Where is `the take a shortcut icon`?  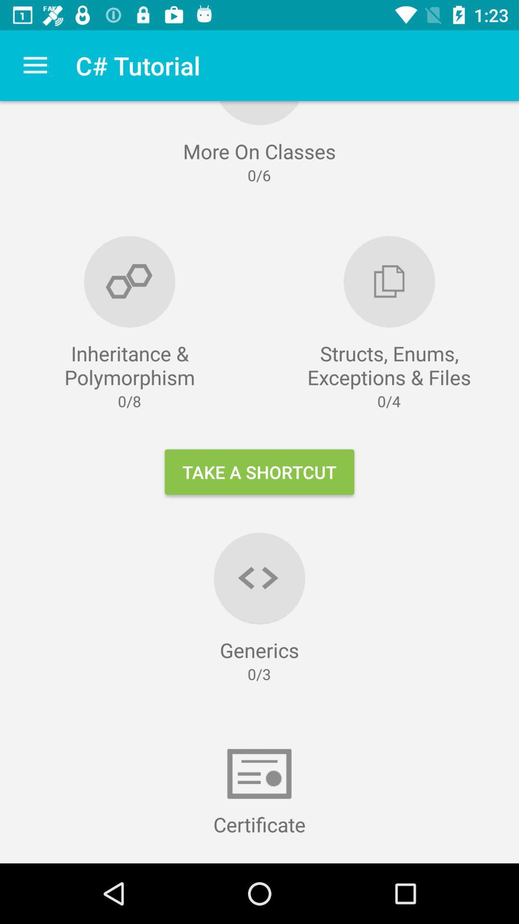
the take a shortcut icon is located at coordinates (259, 472).